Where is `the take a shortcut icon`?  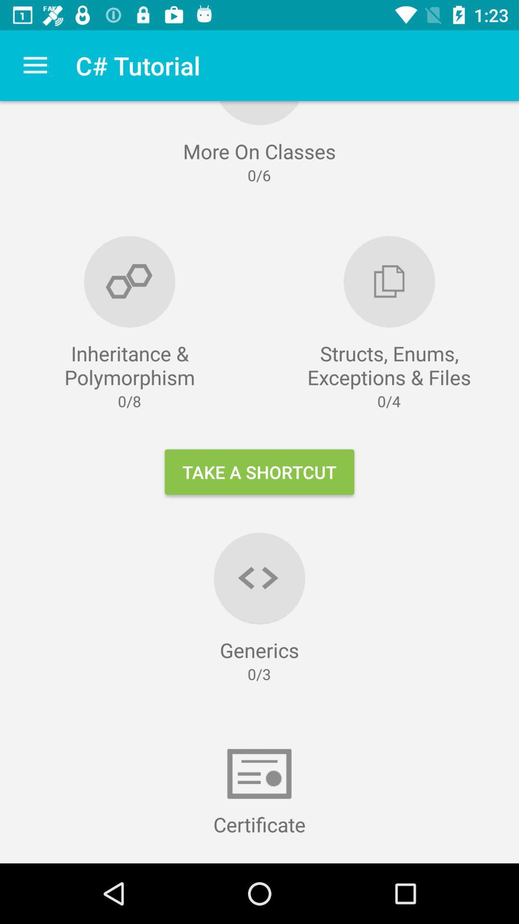
the take a shortcut icon is located at coordinates (259, 472).